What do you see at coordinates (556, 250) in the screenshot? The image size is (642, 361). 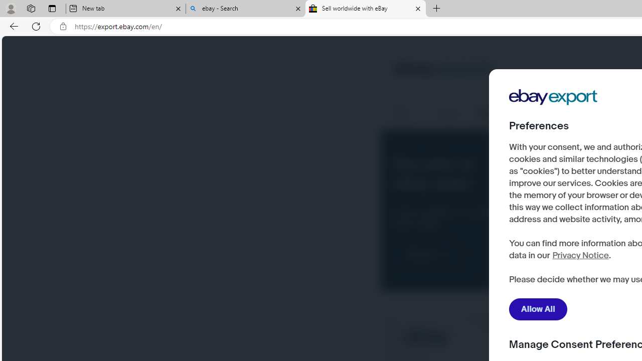 I see `'here'` at bounding box center [556, 250].